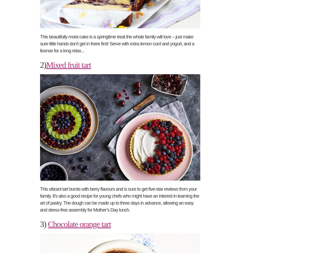 The width and height of the screenshot is (323, 253). I want to click on 'Sweet treats', so click(240, 90).